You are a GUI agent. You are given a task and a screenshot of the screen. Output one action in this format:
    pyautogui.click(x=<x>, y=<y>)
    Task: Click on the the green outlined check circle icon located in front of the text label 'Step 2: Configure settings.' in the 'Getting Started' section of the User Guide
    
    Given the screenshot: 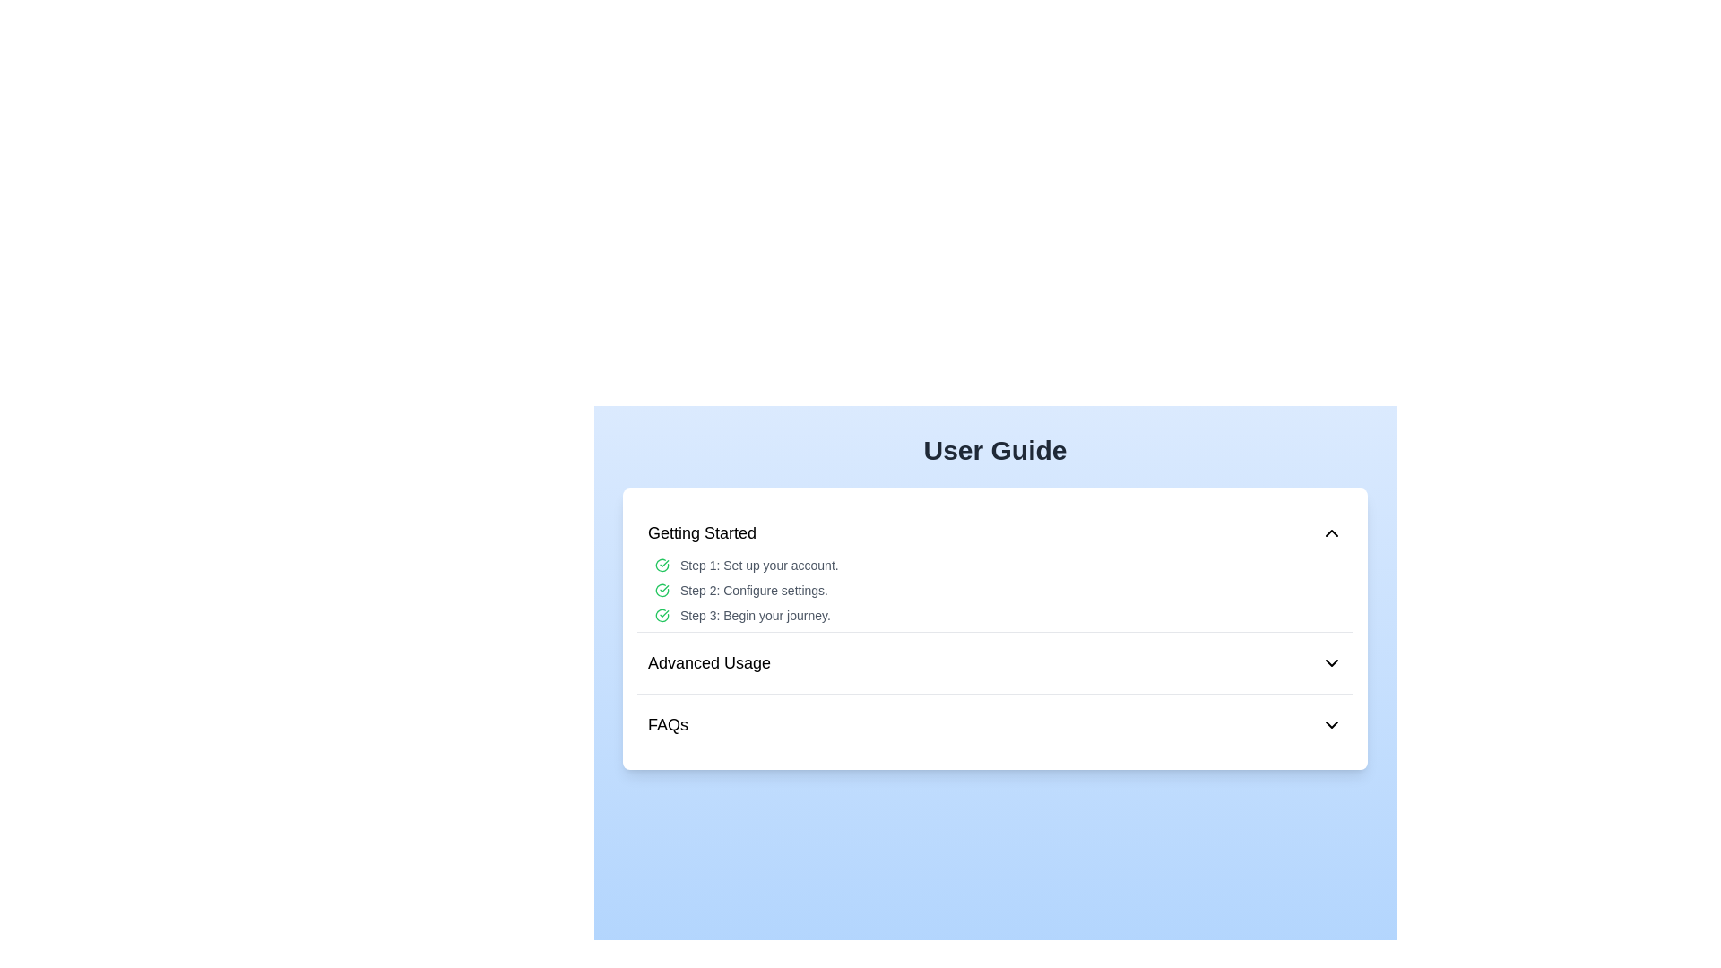 What is the action you would take?
    pyautogui.click(x=662, y=591)
    